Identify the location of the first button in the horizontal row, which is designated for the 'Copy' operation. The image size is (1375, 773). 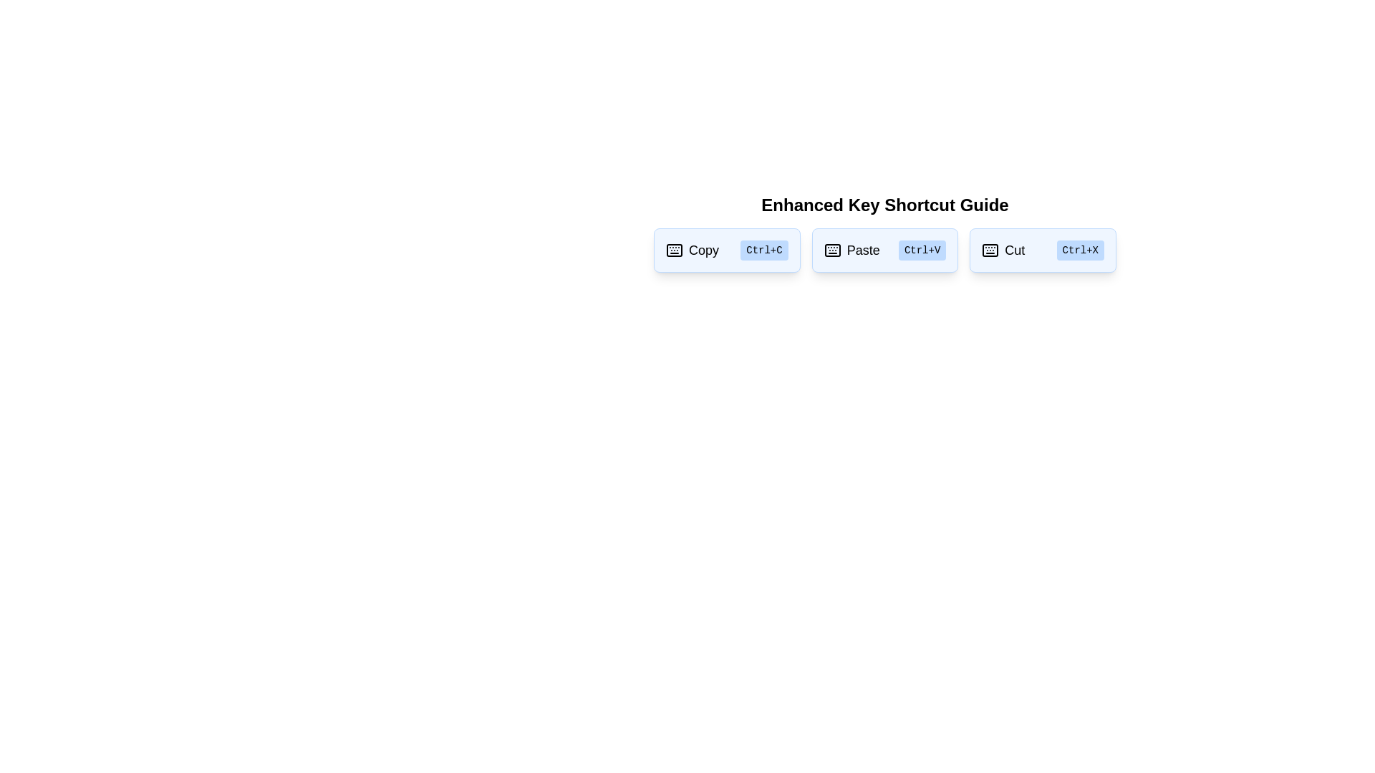
(726, 250).